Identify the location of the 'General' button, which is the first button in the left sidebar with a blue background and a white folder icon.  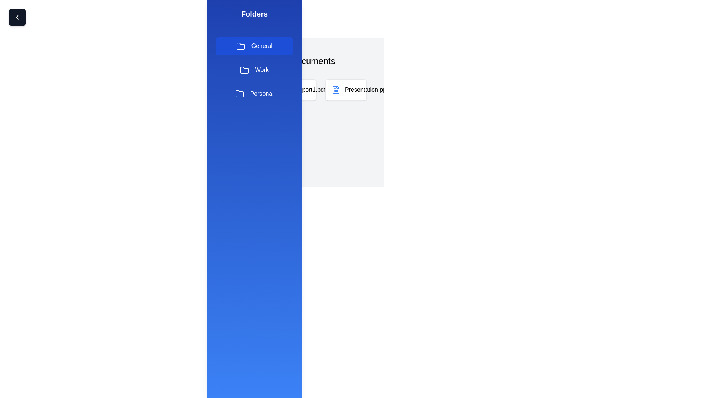
(254, 46).